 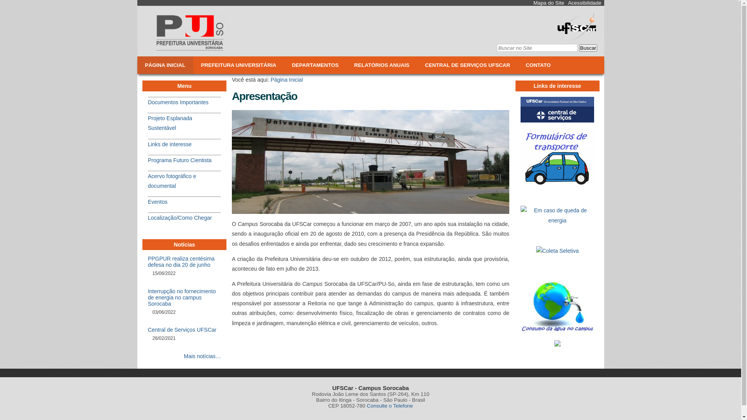 I want to click on 'Portal UFSCar', so click(x=577, y=38).